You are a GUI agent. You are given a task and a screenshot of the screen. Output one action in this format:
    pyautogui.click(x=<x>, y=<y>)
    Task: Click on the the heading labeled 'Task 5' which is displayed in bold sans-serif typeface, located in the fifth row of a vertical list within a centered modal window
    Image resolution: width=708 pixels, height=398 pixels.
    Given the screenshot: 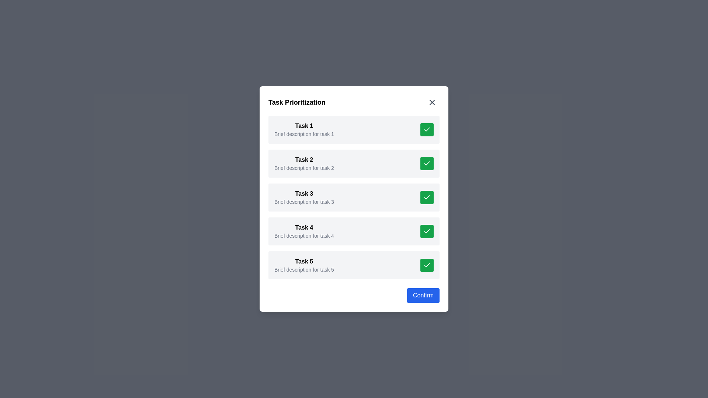 What is the action you would take?
    pyautogui.click(x=304, y=261)
    